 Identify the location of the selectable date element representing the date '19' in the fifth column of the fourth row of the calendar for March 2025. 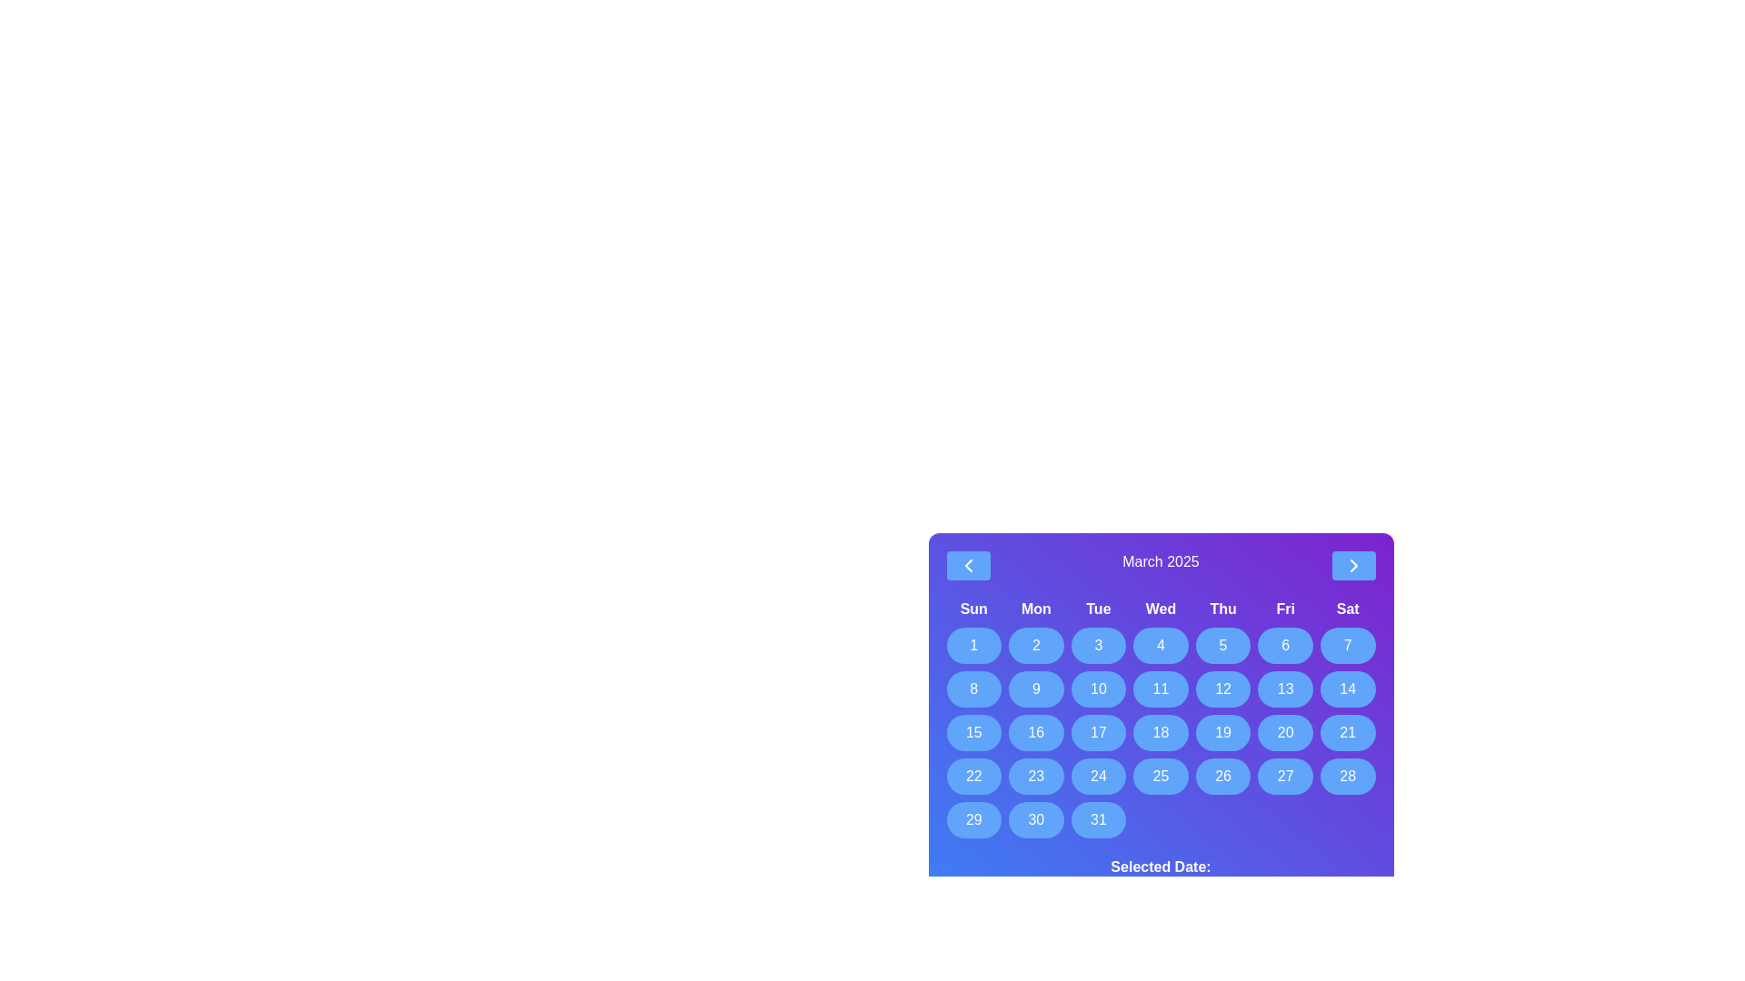
(1223, 731).